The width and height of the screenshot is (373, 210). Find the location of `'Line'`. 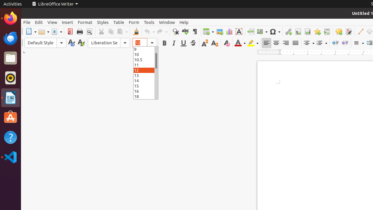

'Line' is located at coordinates (360, 32).